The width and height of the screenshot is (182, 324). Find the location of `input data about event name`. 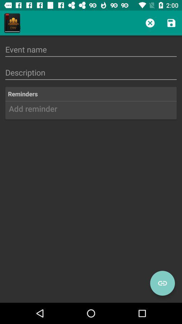

input data about event name is located at coordinates (91, 49).